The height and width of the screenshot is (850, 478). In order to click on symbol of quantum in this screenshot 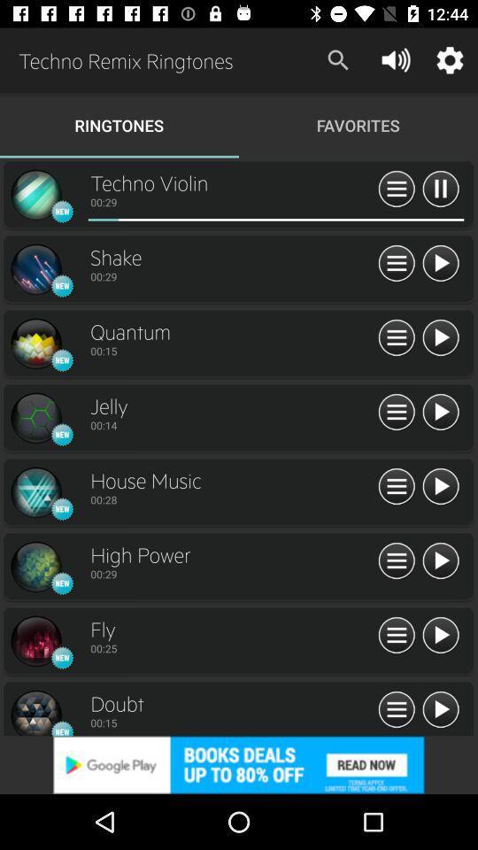, I will do `click(35, 343)`.